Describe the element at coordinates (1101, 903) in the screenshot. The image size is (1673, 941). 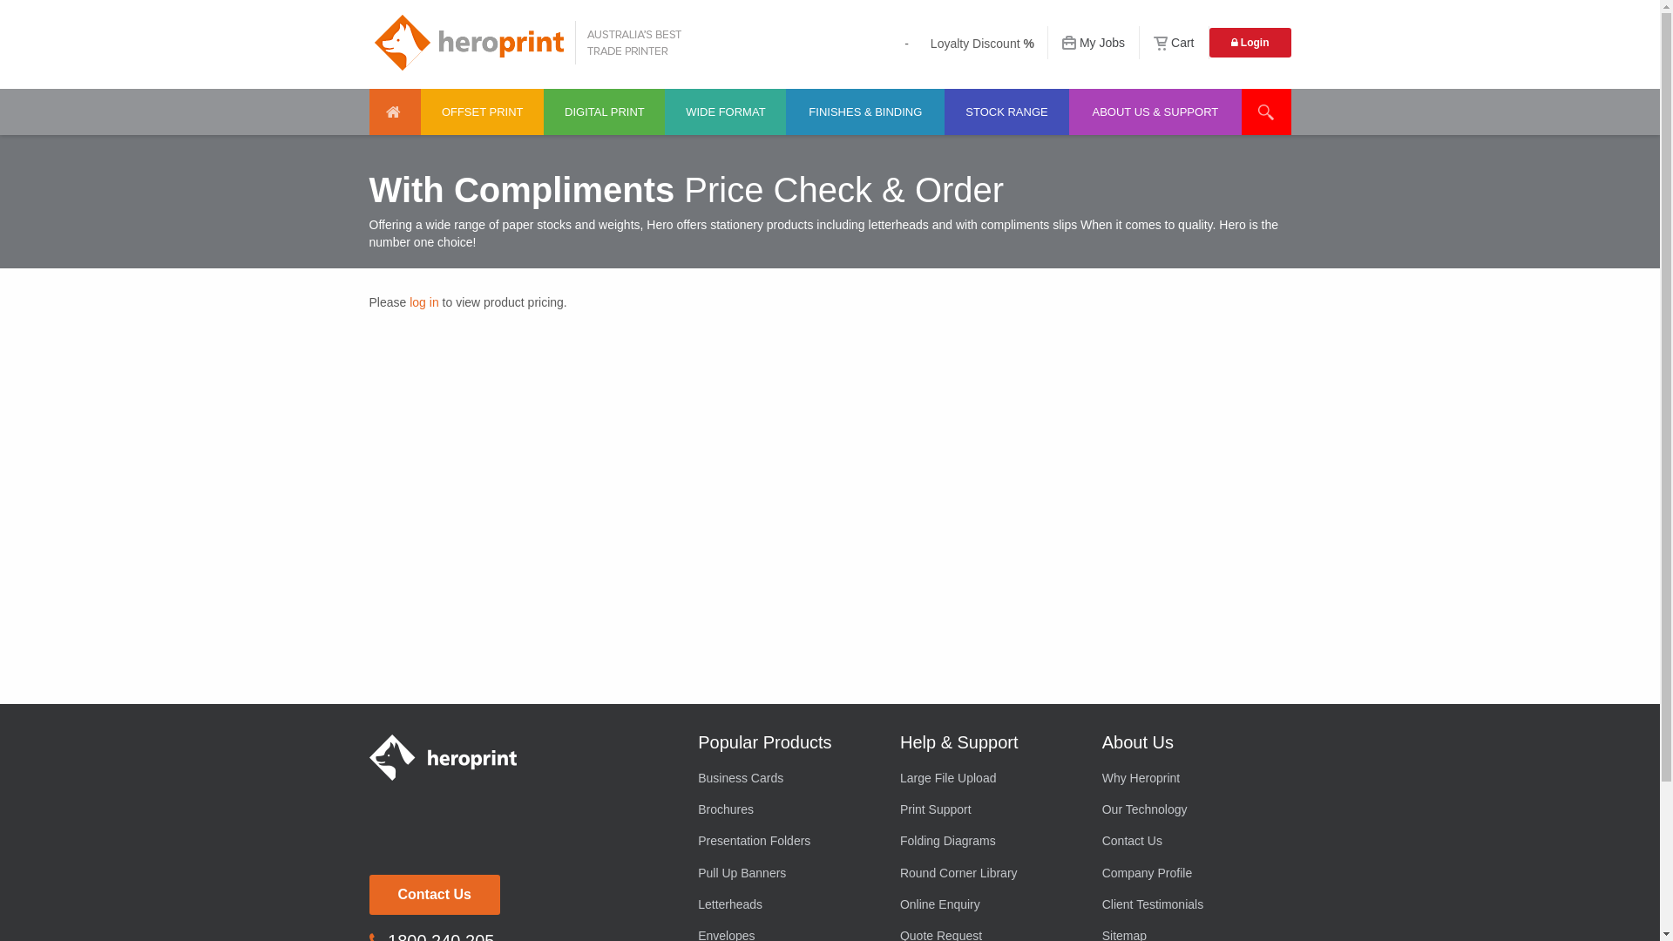
I see `'Client Testimonials'` at that location.